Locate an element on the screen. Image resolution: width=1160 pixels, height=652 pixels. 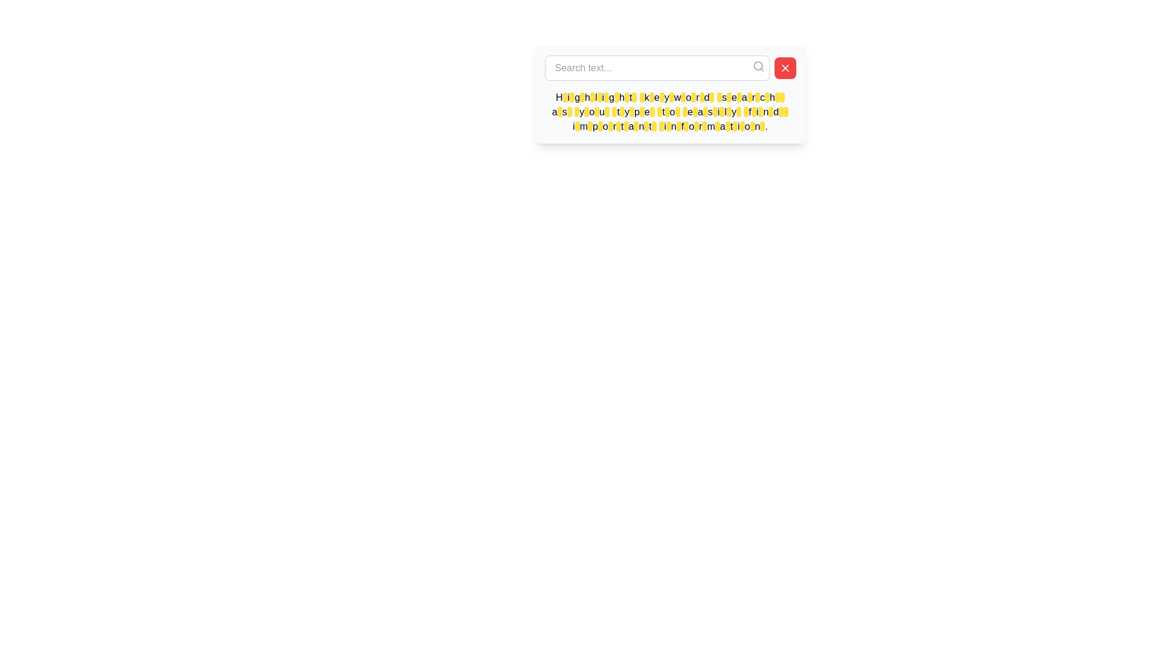
the 15th yellow-highlighted segment within the tooltip, which has a yellow background and black rounded edges, positioned underneath the search bar is located at coordinates (666, 112).